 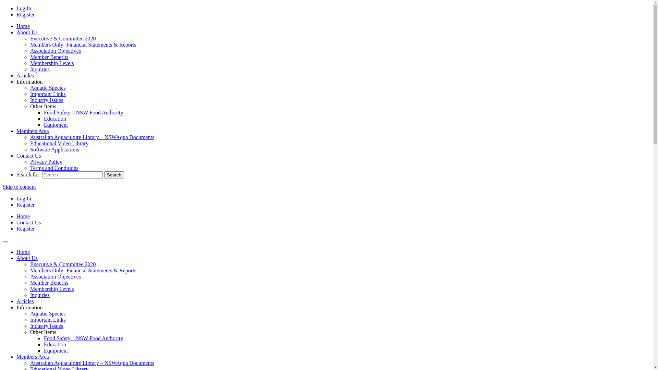 What do you see at coordinates (19, 187) in the screenshot?
I see `'Skip to content'` at bounding box center [19, 187].